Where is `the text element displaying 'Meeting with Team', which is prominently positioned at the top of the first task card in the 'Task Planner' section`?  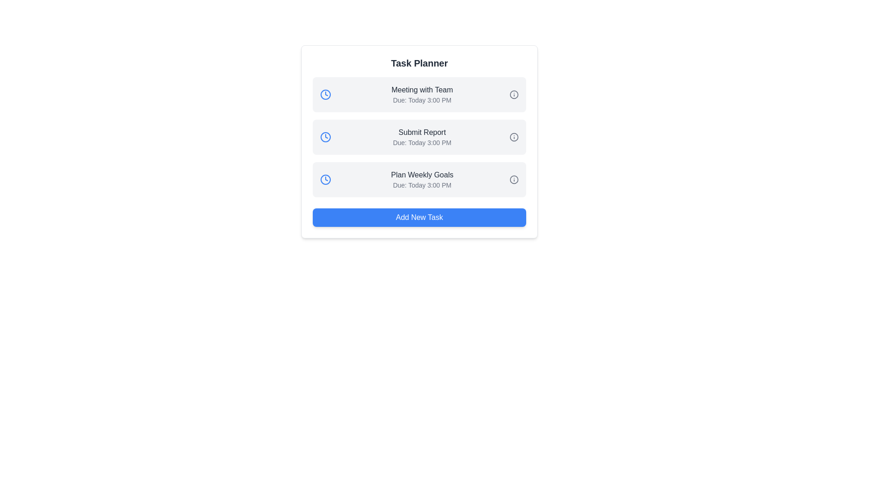 the text element displaying 'Meeting with Team', which is prominently positioned at the top of the first task card in the 'Task Planner' section is located at coordinates (421, 90).